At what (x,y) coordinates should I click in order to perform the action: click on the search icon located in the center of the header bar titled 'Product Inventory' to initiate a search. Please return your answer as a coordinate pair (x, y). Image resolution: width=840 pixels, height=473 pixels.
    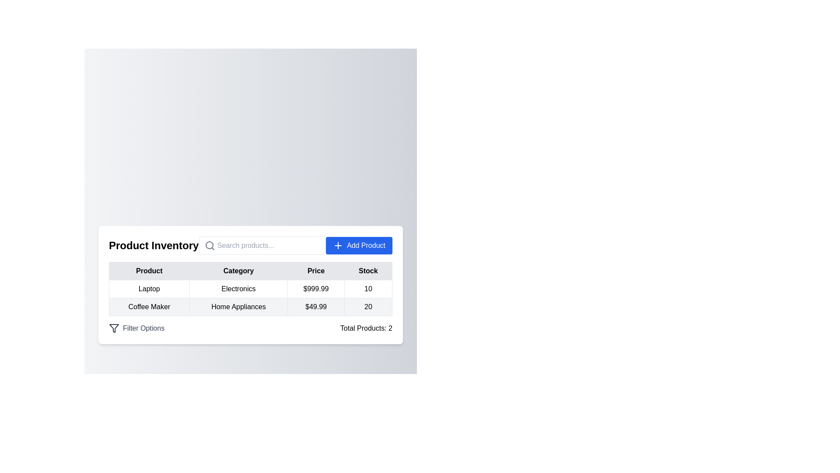
    Looking at the image, I should click on (250, 245).